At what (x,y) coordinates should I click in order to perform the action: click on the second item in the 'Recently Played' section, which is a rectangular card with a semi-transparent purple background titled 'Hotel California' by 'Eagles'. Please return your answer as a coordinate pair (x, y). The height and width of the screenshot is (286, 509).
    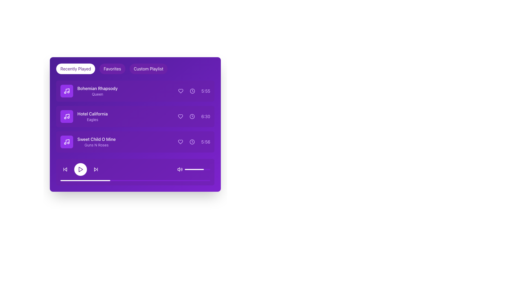
    Looking at the image, I should click on (135, 116).